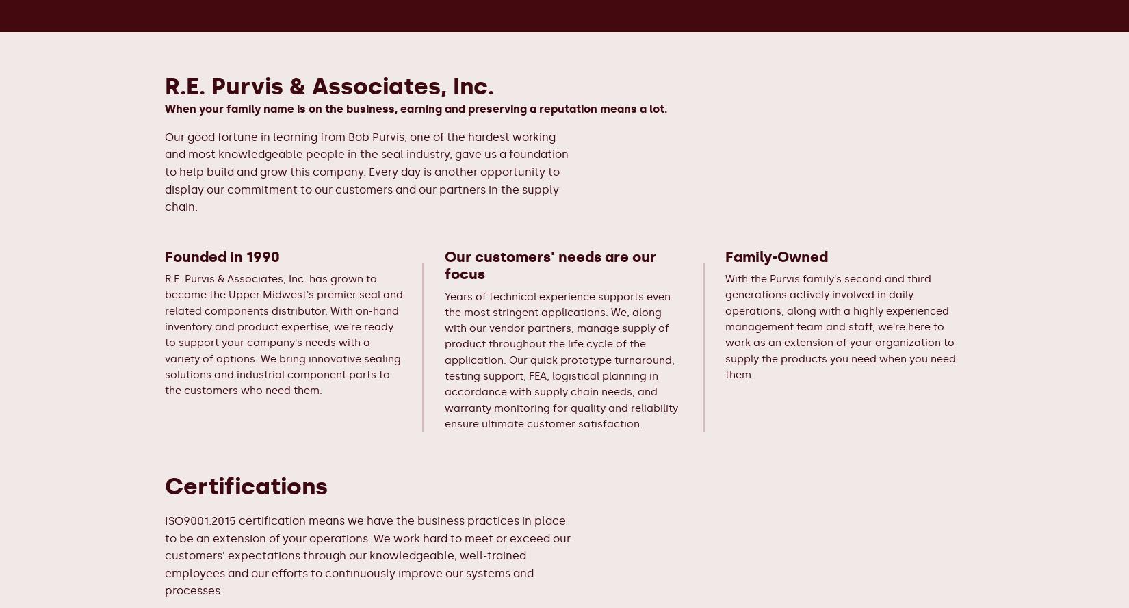 Image resolution: width=1129 pixels, height=608 pixels. I want to click on 'ISO9001:2015 certification means we have the business practices in place to be an extension of your operations. We work hard to meet or exceed our customers' expectations through our knowledgeable, well-trained employees and our efforts to continuously improve our systems and processes.', so click(165, 555).